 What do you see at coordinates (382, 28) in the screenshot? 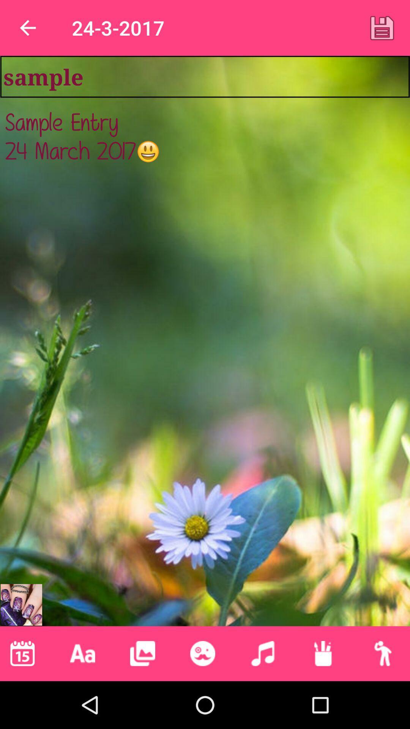
I see `entry` at bounding box center [382, 28].